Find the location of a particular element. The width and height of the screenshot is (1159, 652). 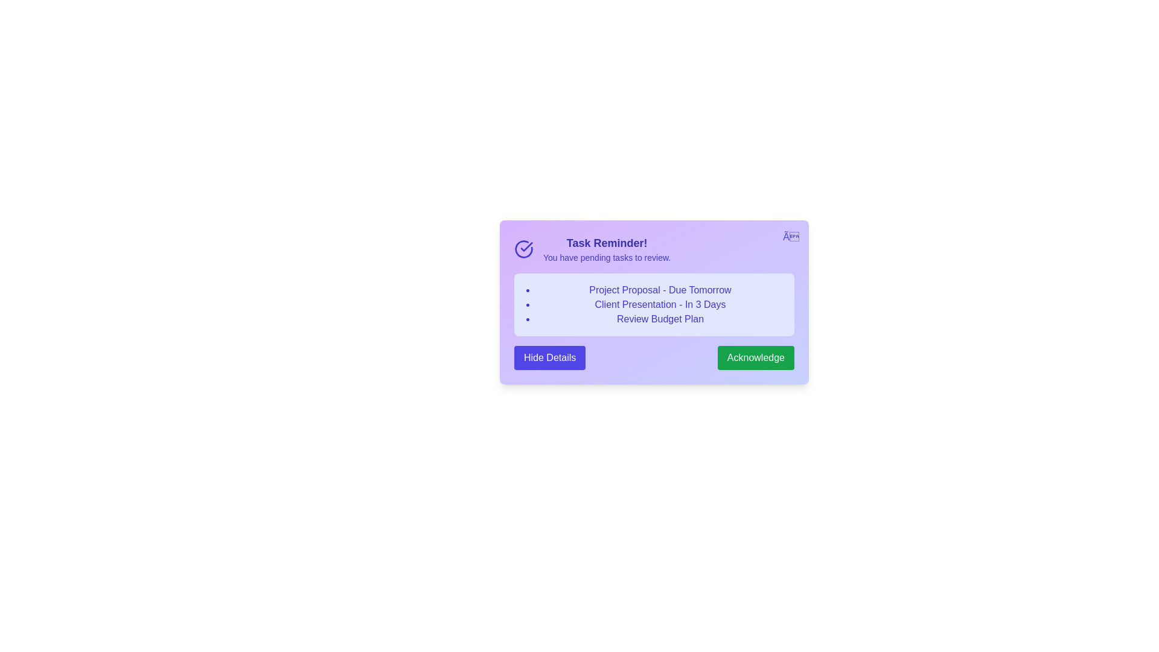

'Acknowledge' button to acknowledge the tasks is located at coordinates (755, 357).